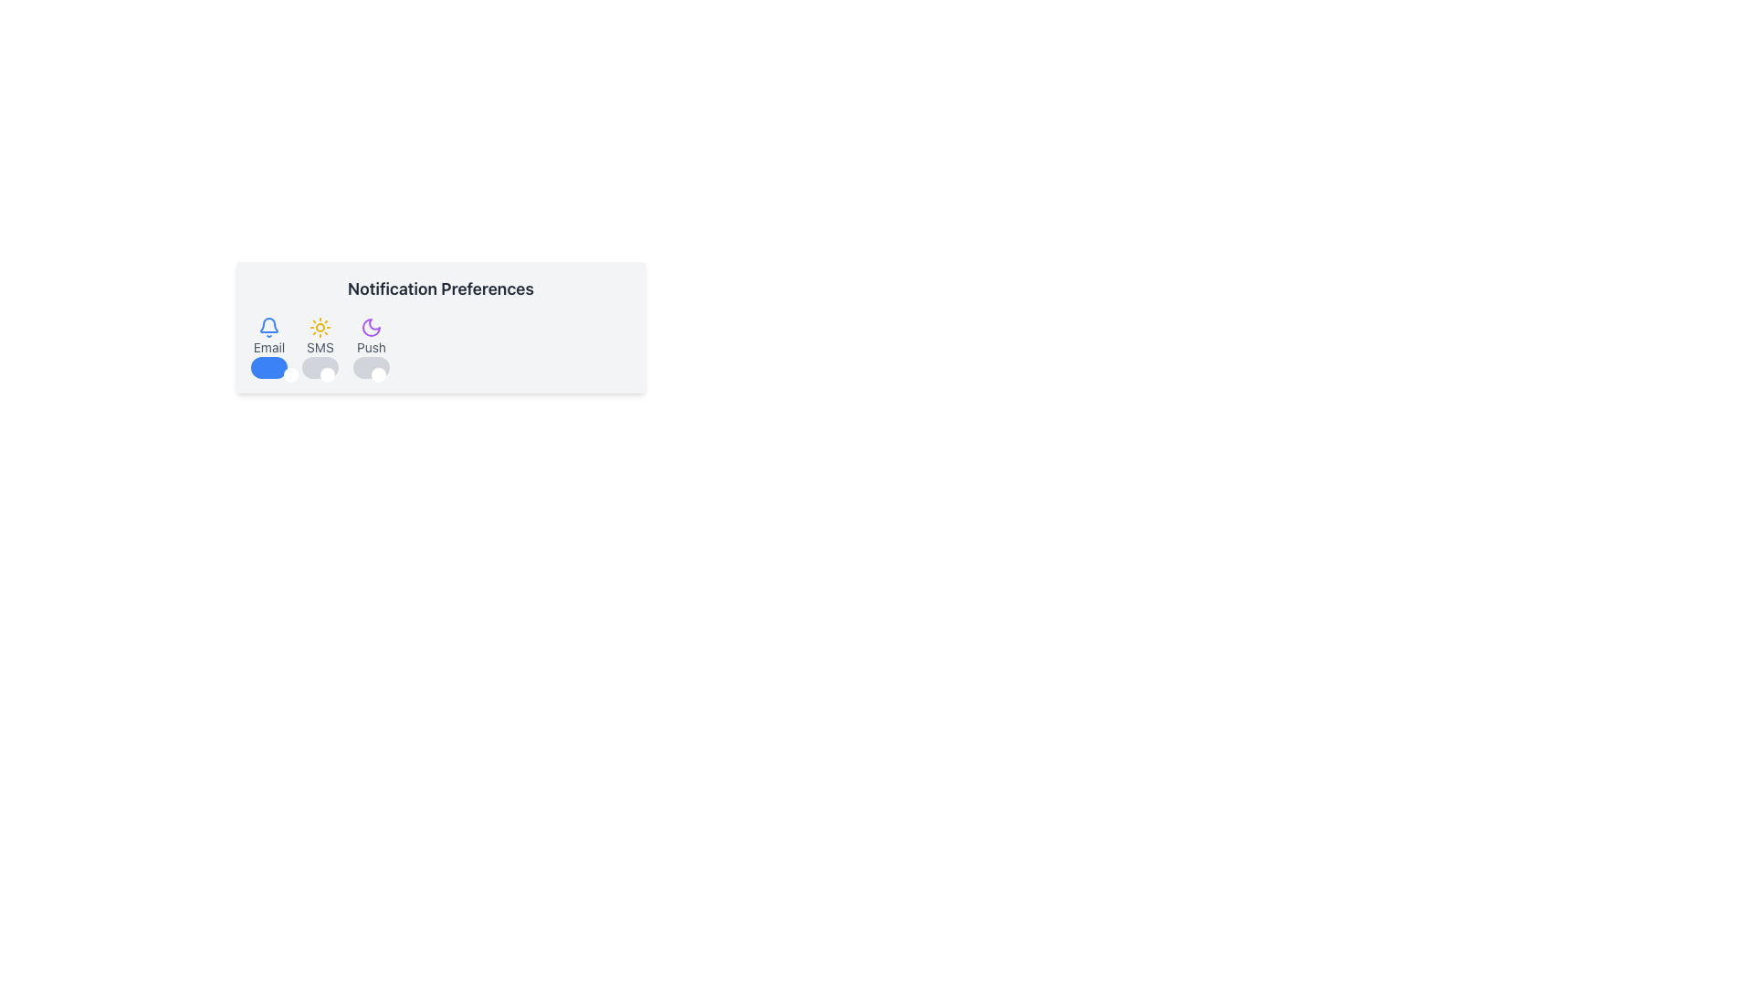 This screenshot has width=1753, height=986. Describe the element at coordinates (377, 374) in the screenshot. I see `the toggle knob located on the left side of the horizontal toggle track in the 'Notification Preferences' section` at that location.